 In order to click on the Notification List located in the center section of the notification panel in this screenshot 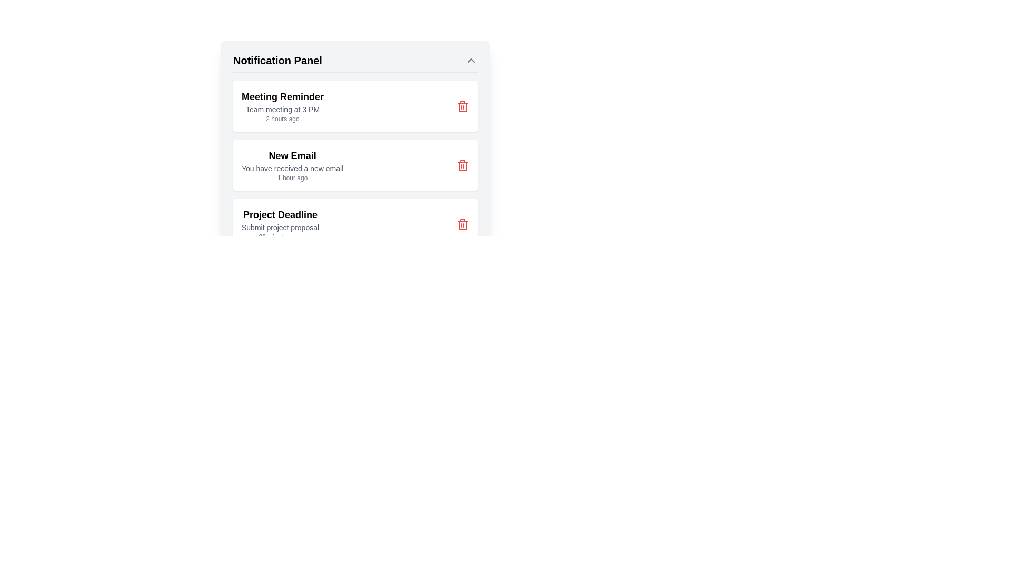, I will do `click(355, 165)`.